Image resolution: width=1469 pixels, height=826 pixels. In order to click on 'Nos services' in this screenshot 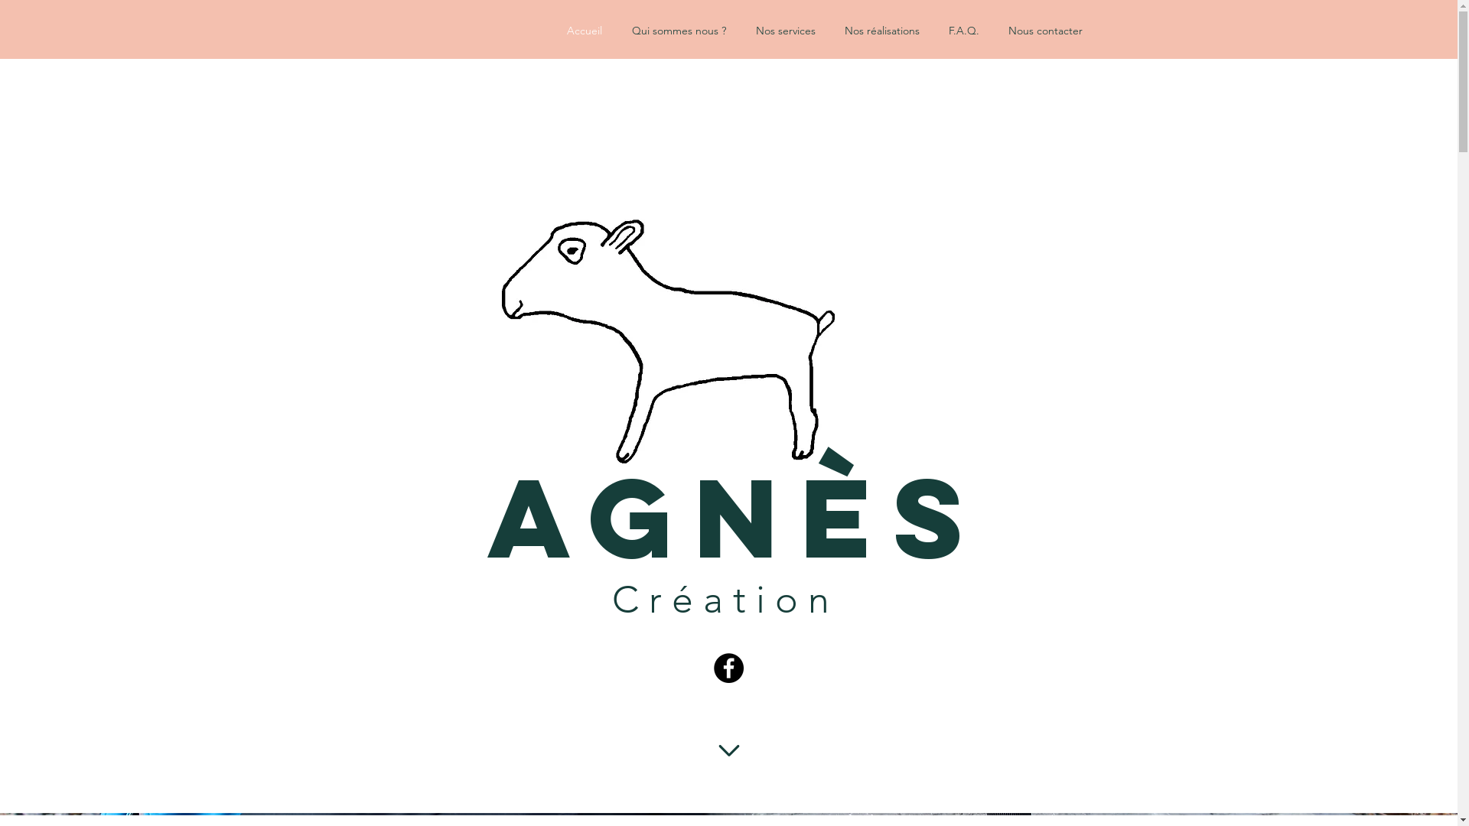, I will do `click(793, 30)`.